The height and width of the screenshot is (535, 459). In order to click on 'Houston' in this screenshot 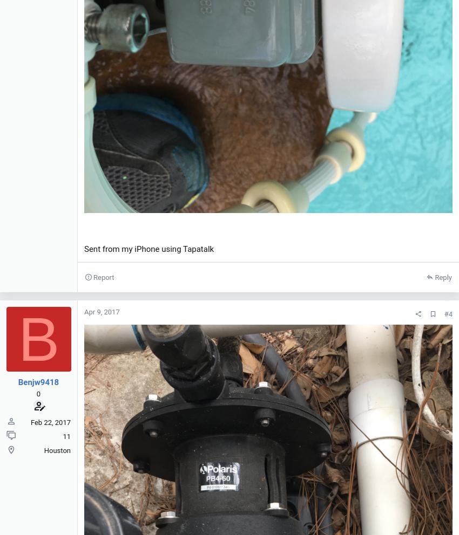, I will do `click(56, 450)`.